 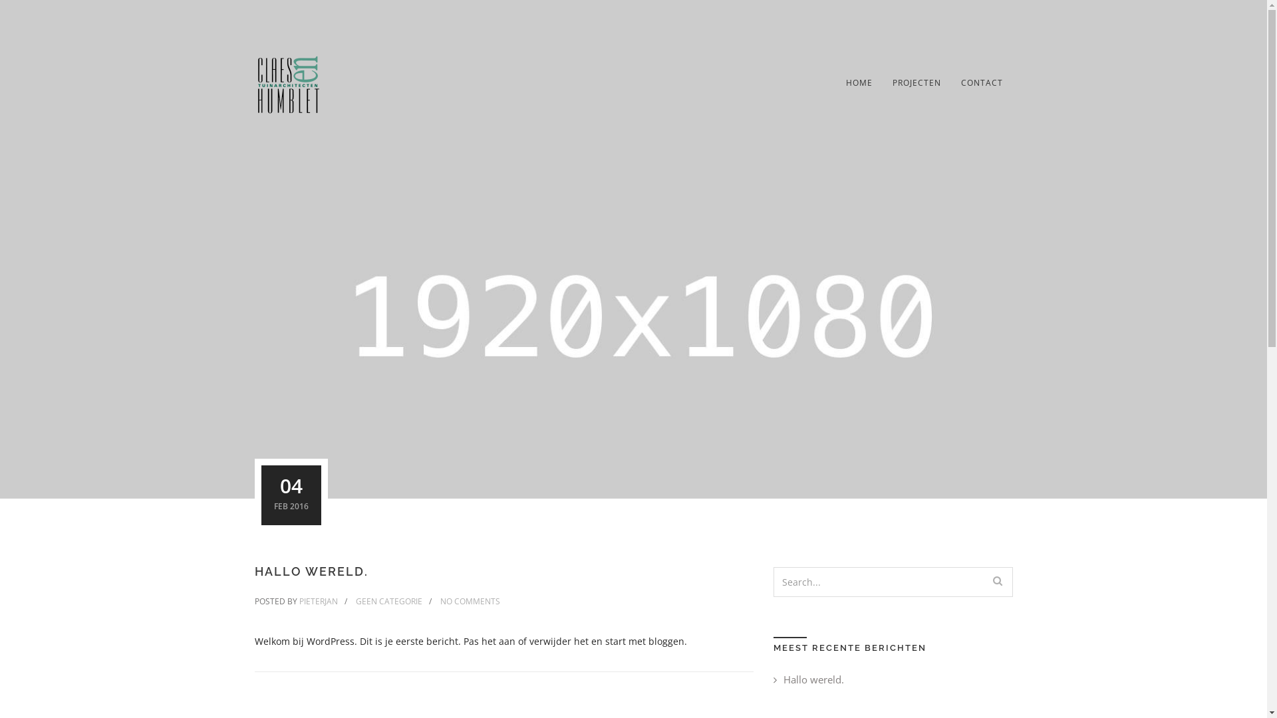 I want to click on 'Skip to content', so click(x=0, y=0).